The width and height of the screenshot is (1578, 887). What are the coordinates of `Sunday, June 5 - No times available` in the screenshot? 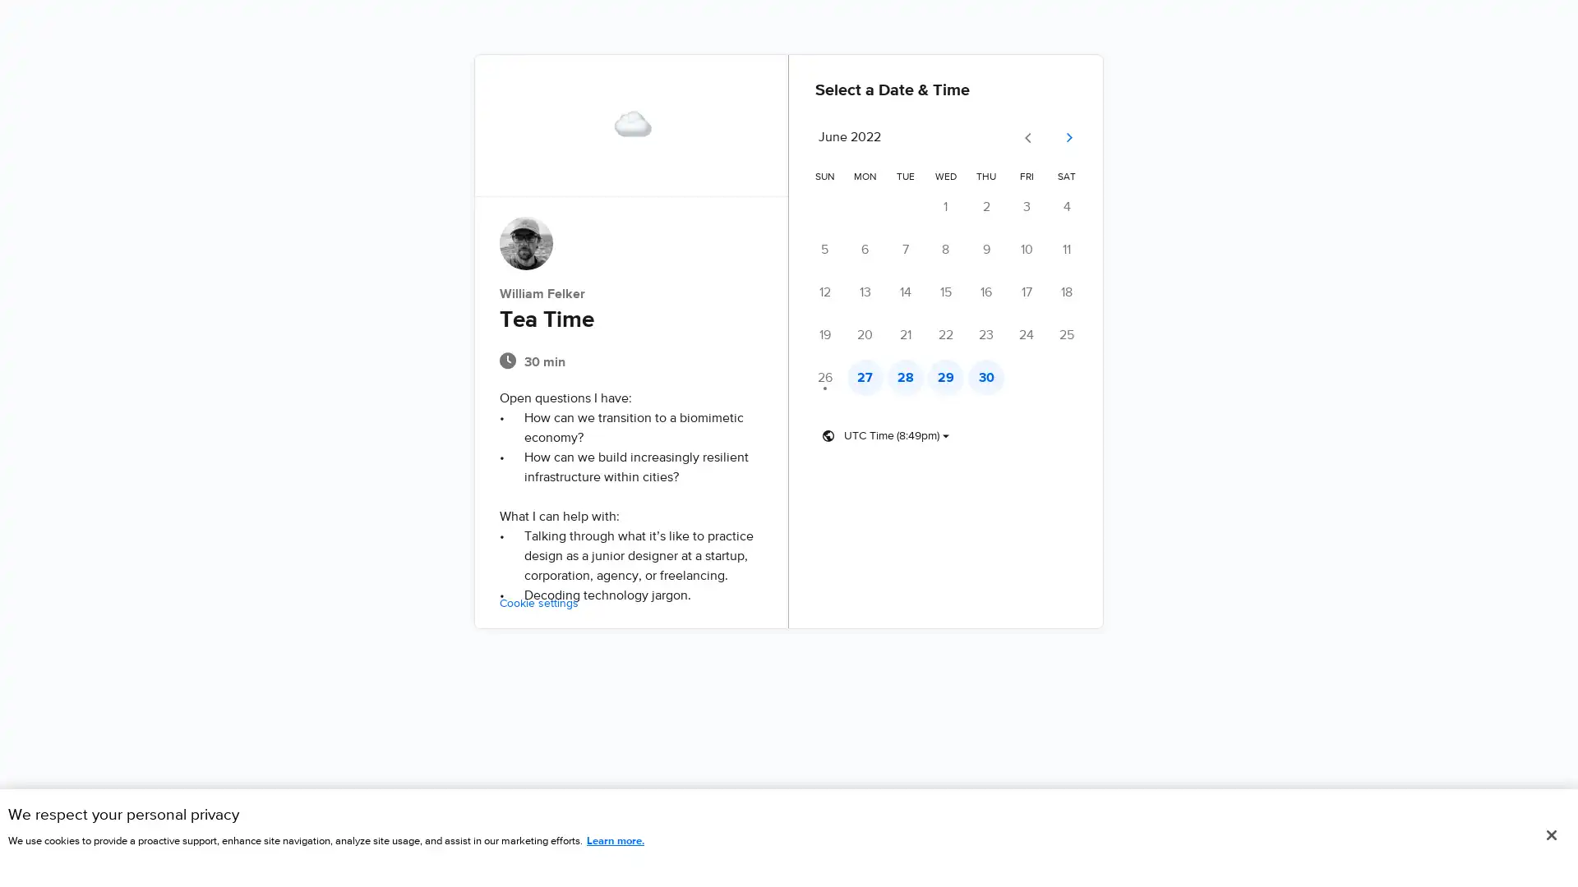 It's located at (824, 250).